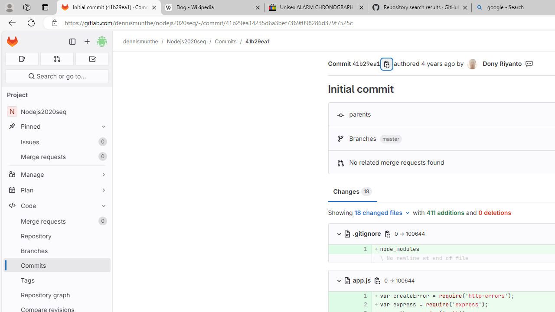 The width and height of the screenshot is (555, 312). Describe the element at coordinates (145, 41) in the screenshot. I see `'dennismunthe/'` at that location.